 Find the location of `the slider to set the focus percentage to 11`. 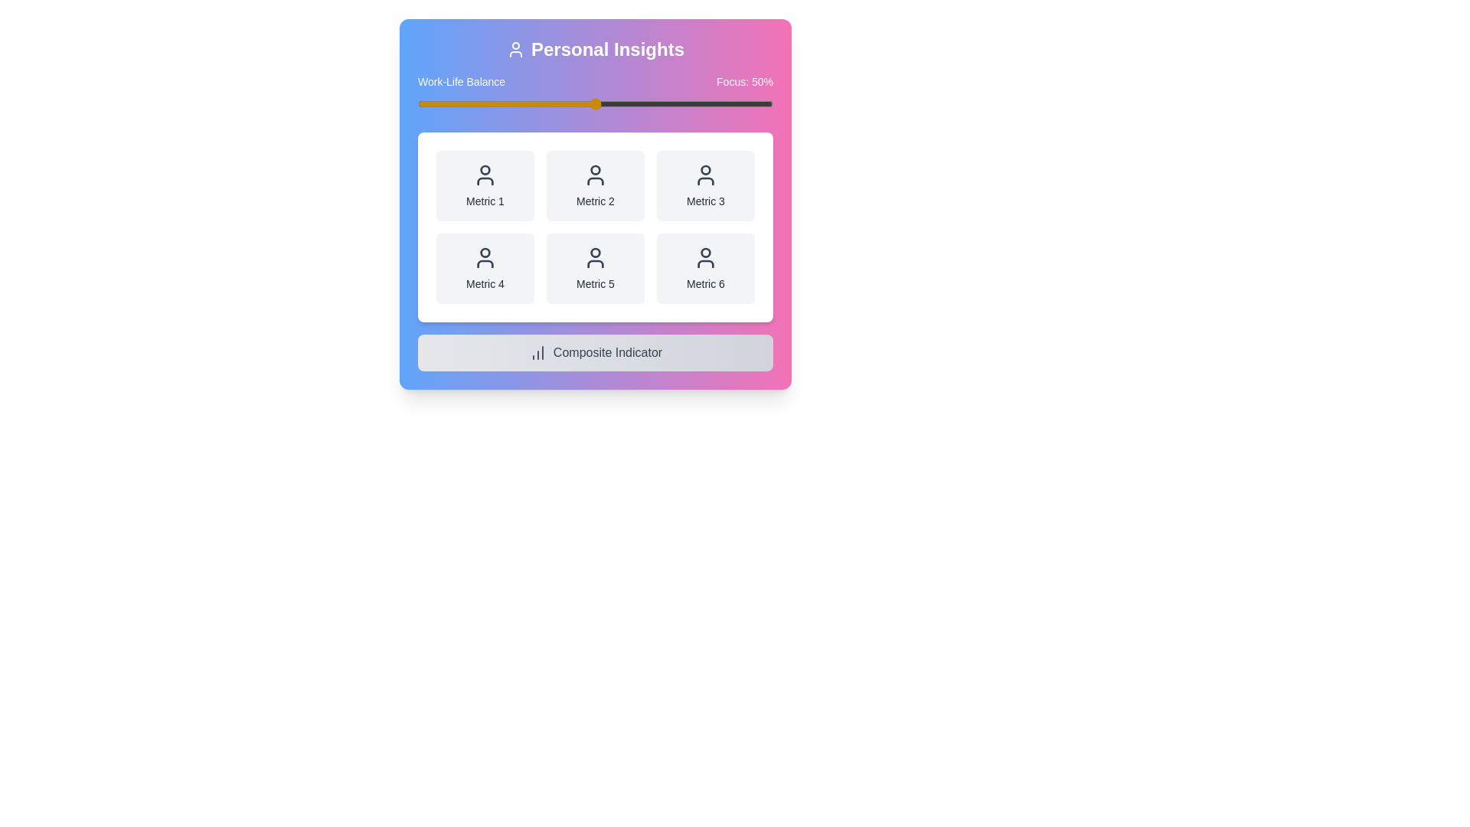

the slider to set the focus percentage to 11 is located at coordinates (456, 103).